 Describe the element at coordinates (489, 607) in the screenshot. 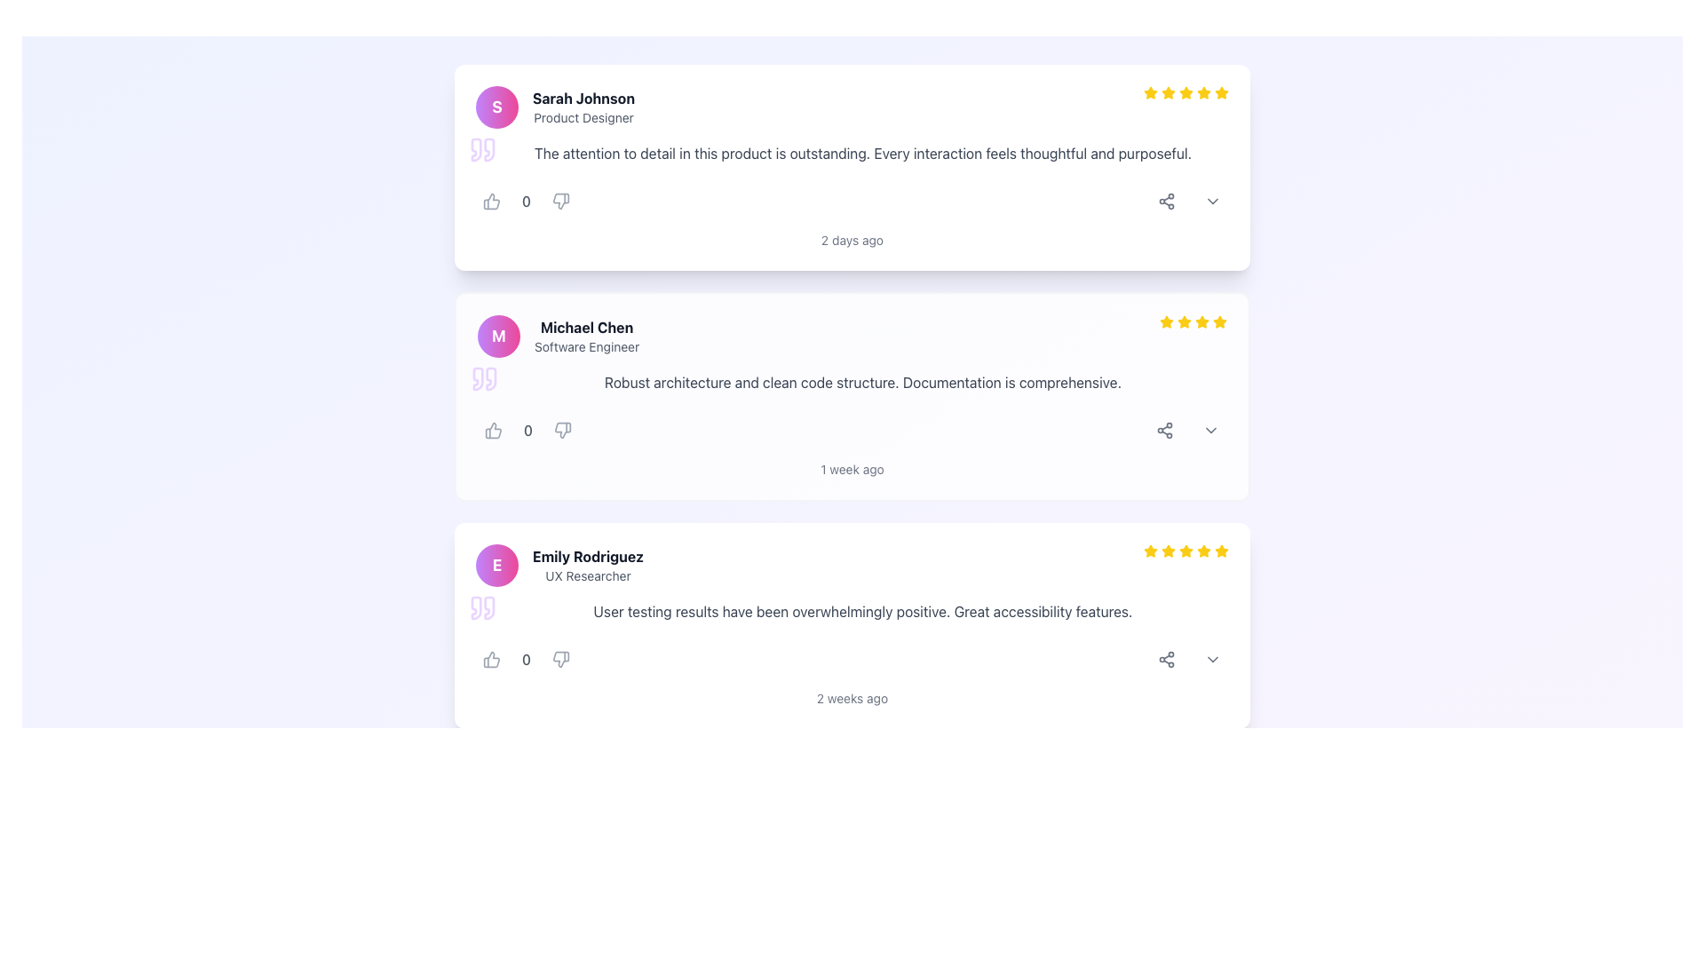

I see `the quotation graphic icon located slightly to the left of Emily Rodriguez's profile icon in the third comment section, aligned with the beginning of the text` at that location.